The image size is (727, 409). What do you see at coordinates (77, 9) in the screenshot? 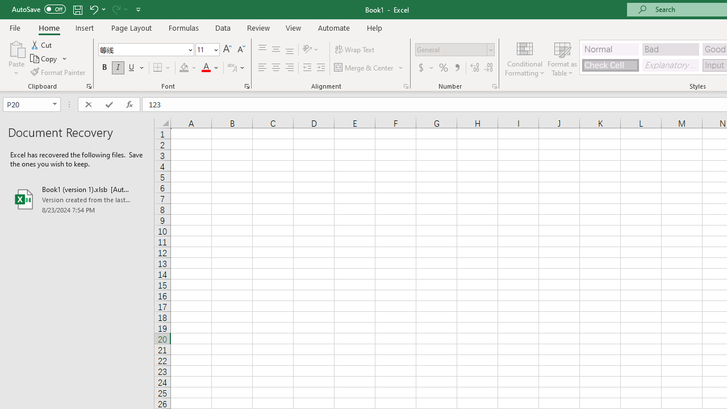
I see `'Save'` at bounding box center [77, 9].